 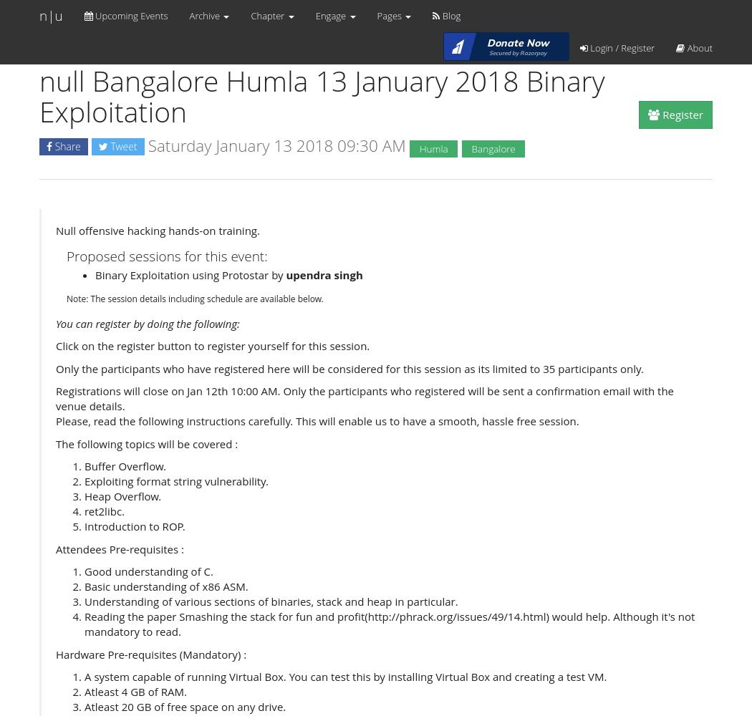 I want to click on 'Heap Overflow.', so click(x=122, y=495).